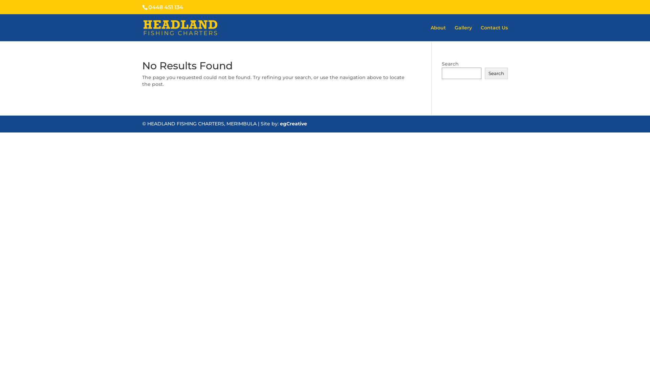 This screenshot has height=365, width=650. Describe the element at coordinates (463, 33) in the screenshot. I see `'Gallery'` at that location.